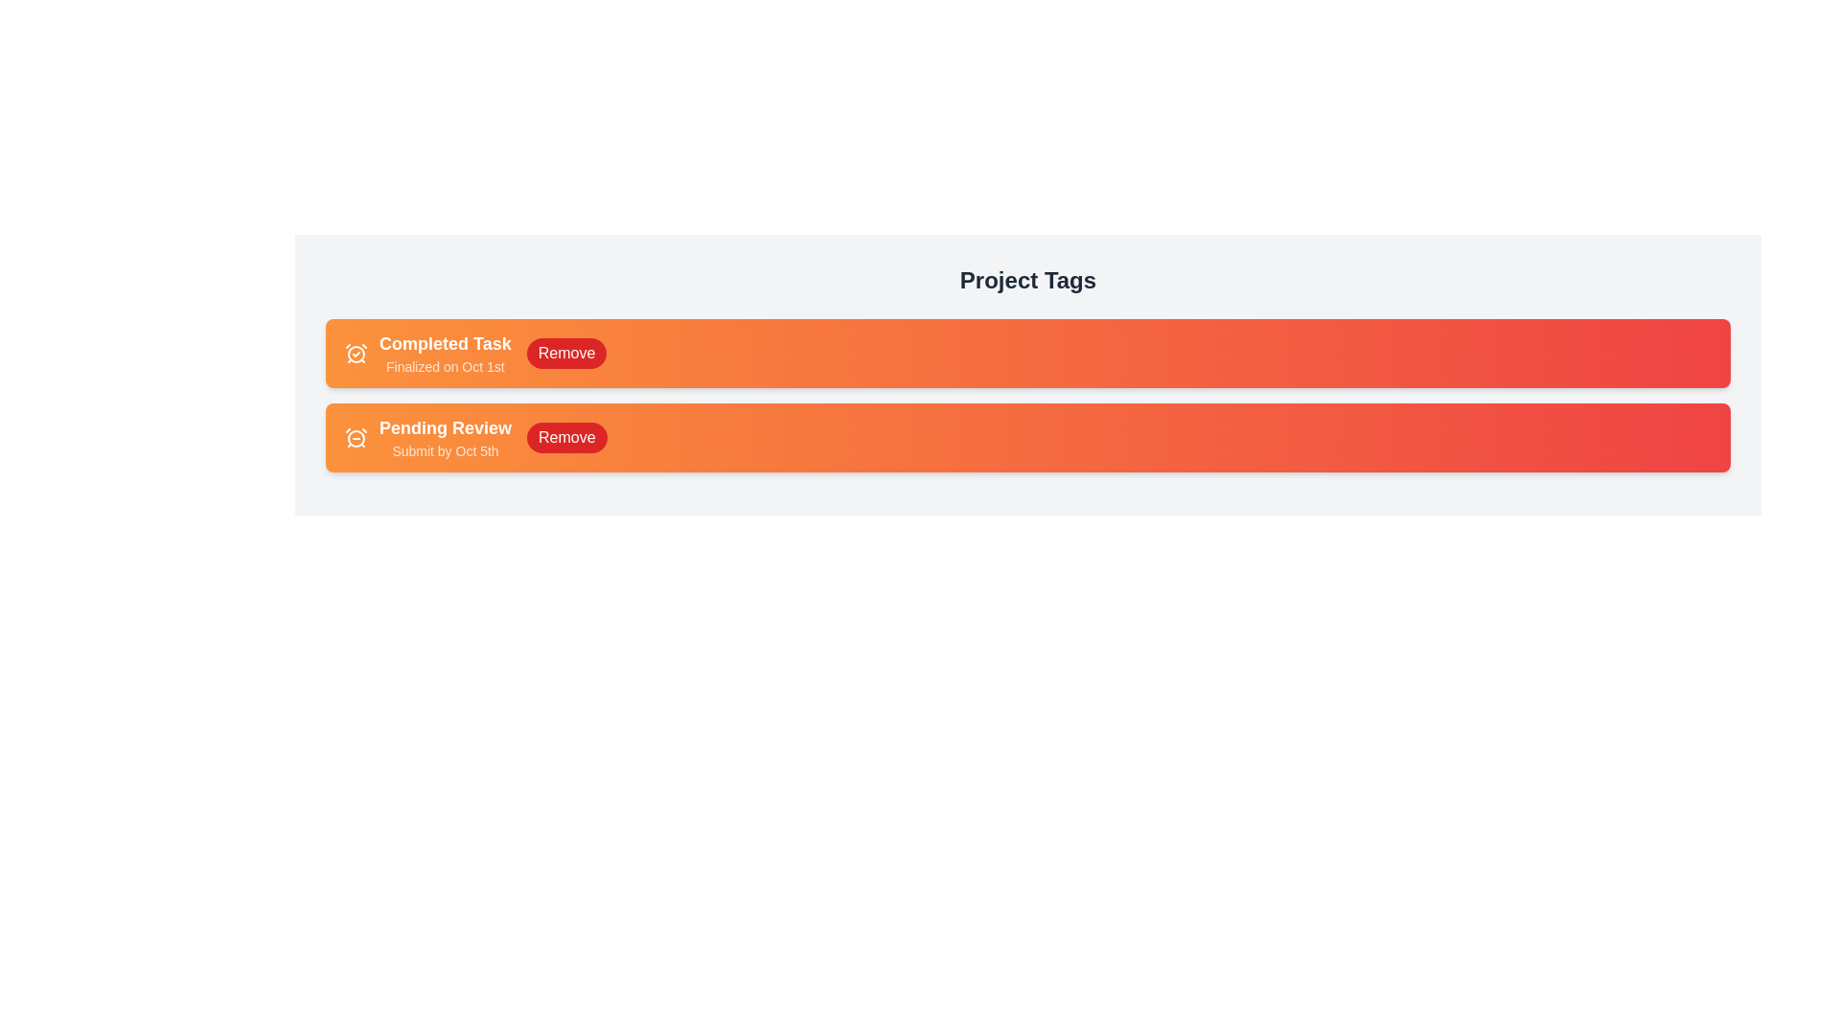  What do you see at coordinates (565, 354) in the screenshot?
I see `'Remove' button for the tag labeled 'Completed Task'` at bounding box center [565, 354].